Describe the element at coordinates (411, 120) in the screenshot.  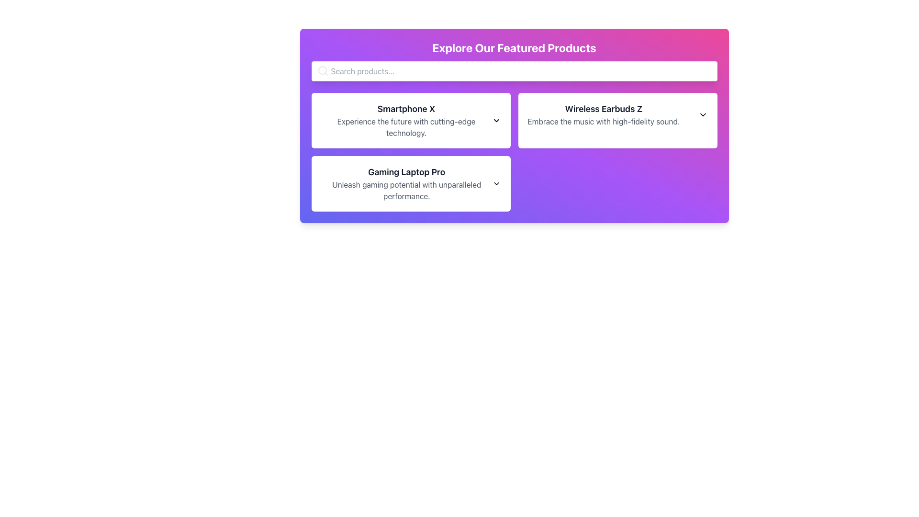
I see `the text description element titled 'Smartphone X' which features a subtitle 'Experience the future with cutting-edge technology', located in the left column of the layout under 'Explore Our Featured Products'` at that location.